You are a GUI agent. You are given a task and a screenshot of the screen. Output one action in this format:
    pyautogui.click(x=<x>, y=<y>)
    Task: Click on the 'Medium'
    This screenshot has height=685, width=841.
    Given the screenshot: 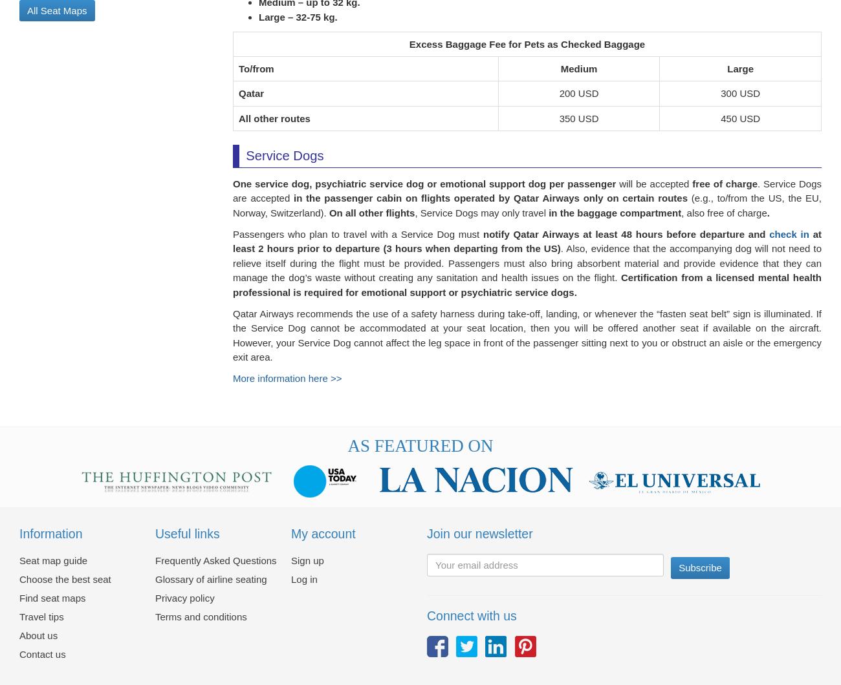 What is the action you would take?
    pyautogui.click(x=578, y=76)
    